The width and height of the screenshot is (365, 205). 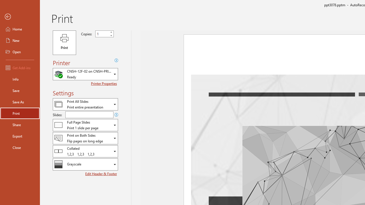 What do you see at coordinates (104, 34) in the screenshot?
I see `'Copies'` at bounding box center [104, 34].